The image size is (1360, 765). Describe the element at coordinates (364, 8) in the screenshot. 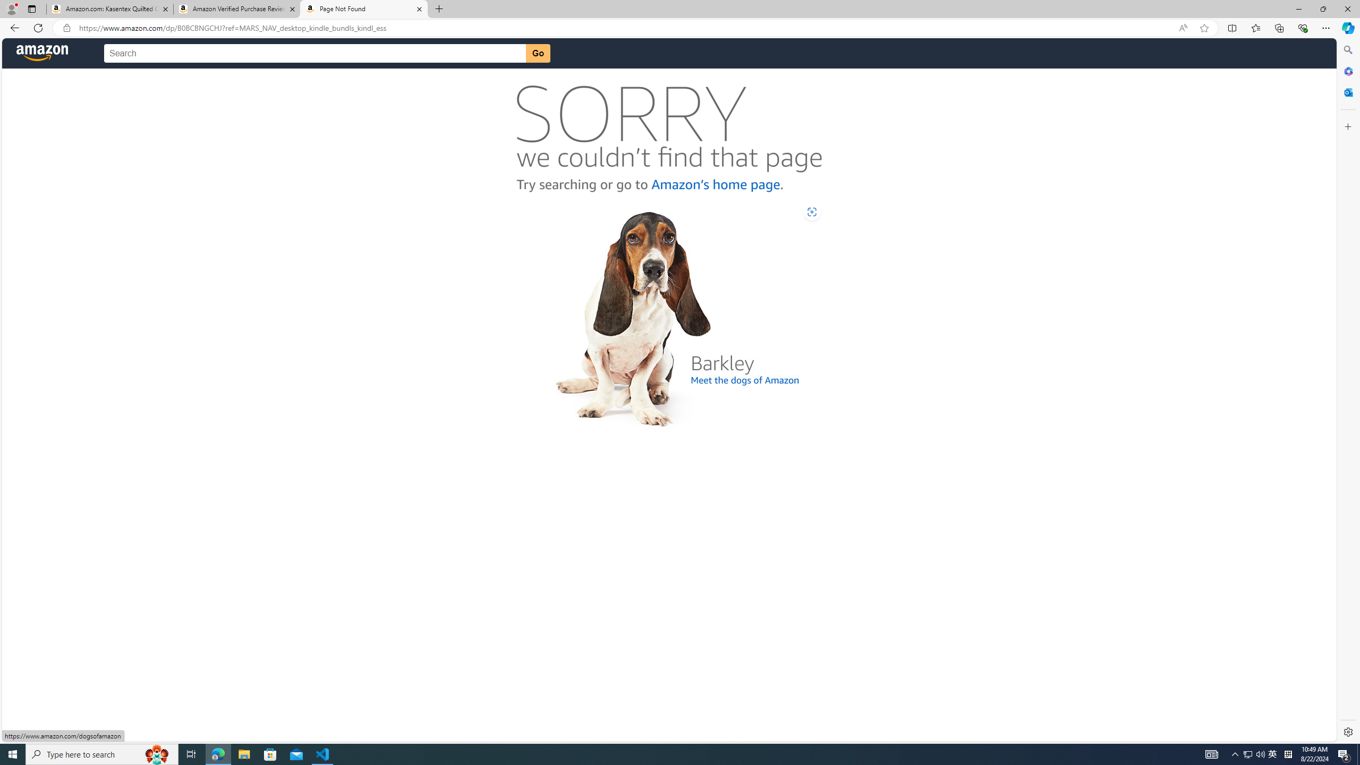

I see `'Page Not Found'` at that location.